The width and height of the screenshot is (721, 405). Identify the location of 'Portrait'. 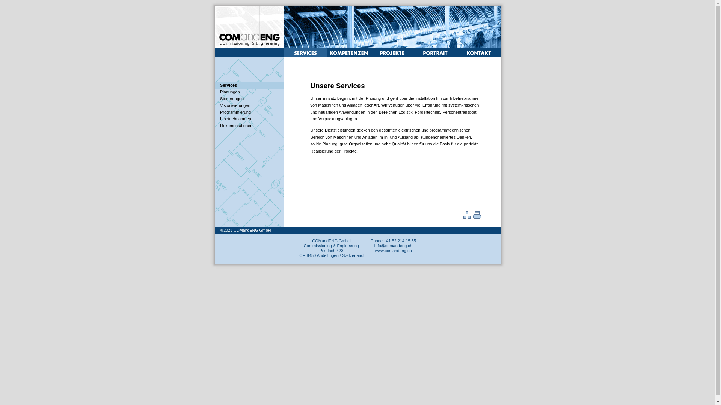
(413, 55).